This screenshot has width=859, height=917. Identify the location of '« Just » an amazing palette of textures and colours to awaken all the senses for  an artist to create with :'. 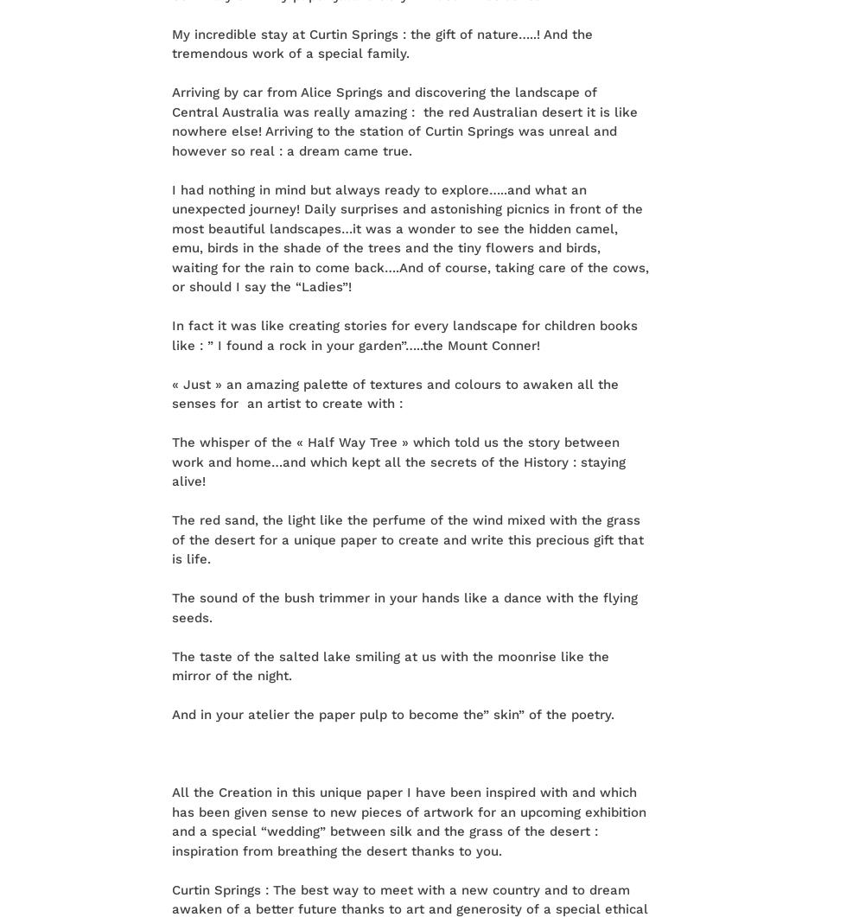
(170, 393).